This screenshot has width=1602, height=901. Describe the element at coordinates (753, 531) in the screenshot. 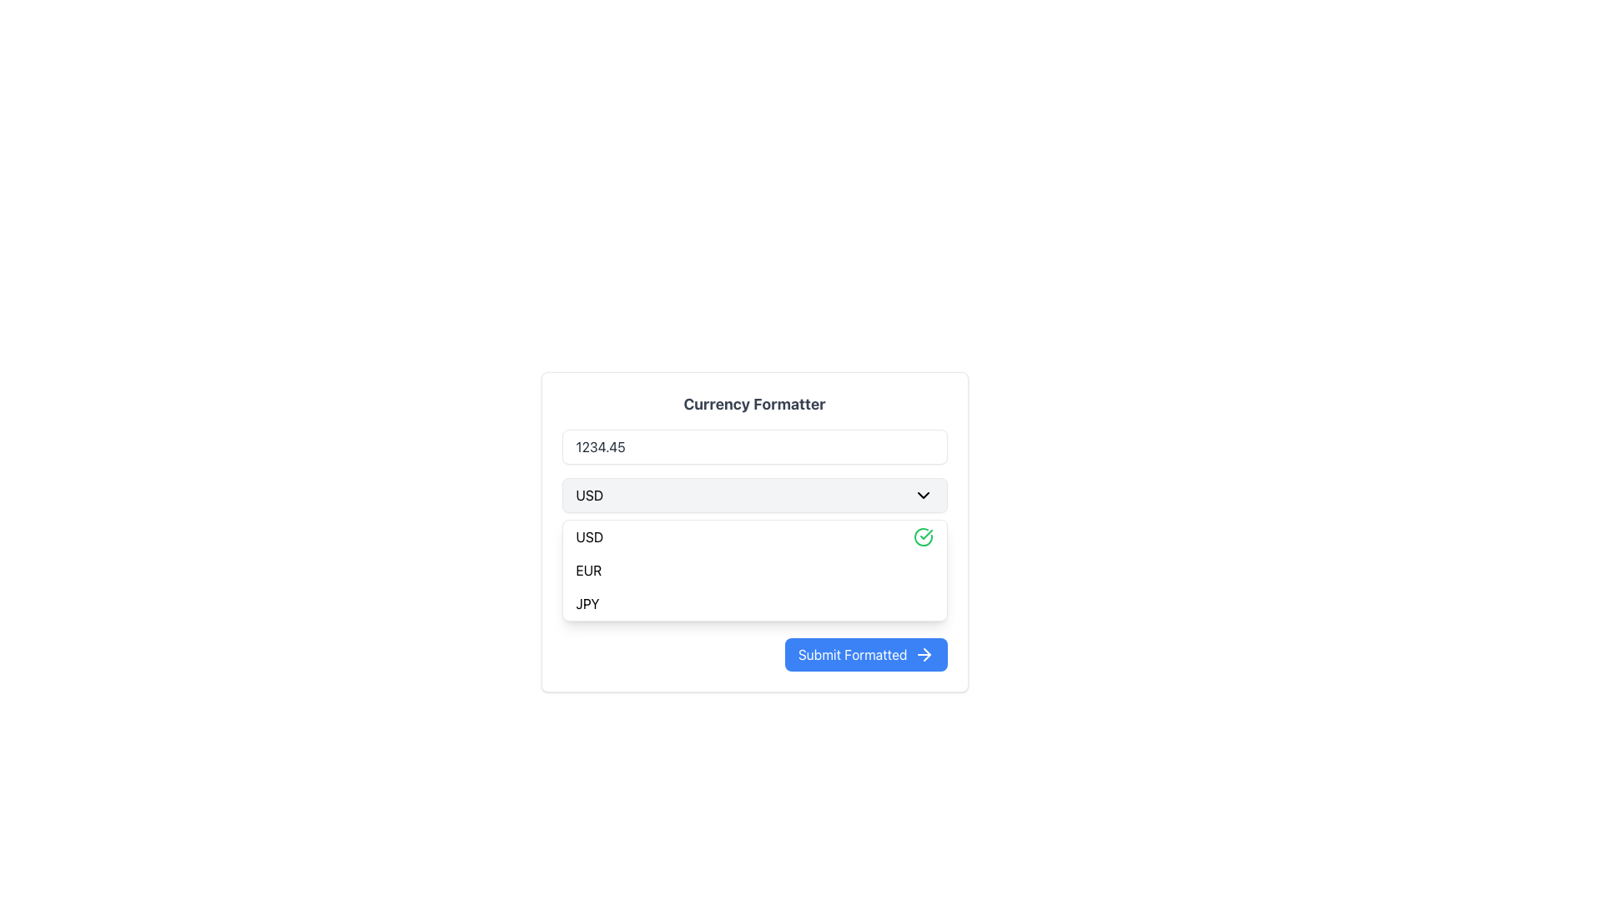

I see `the dropdown menu option` at that location.